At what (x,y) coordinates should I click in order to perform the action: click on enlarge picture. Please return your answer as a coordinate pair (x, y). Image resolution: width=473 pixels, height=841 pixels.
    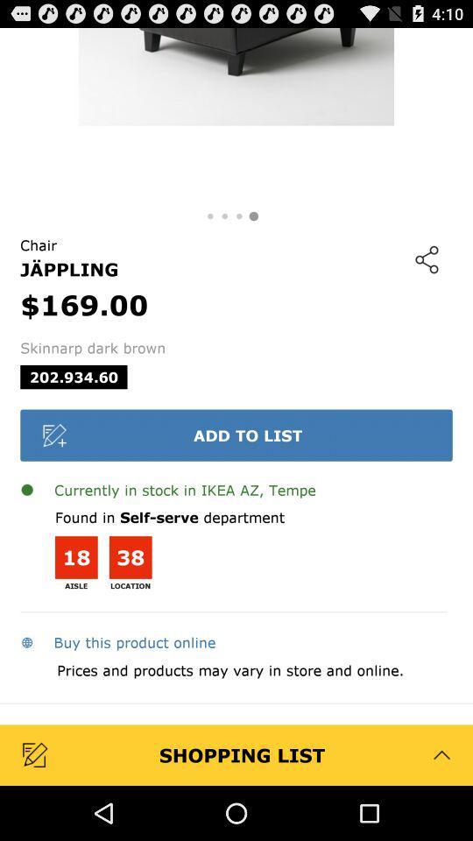
    Looking at the image, I should click on (236, 115).